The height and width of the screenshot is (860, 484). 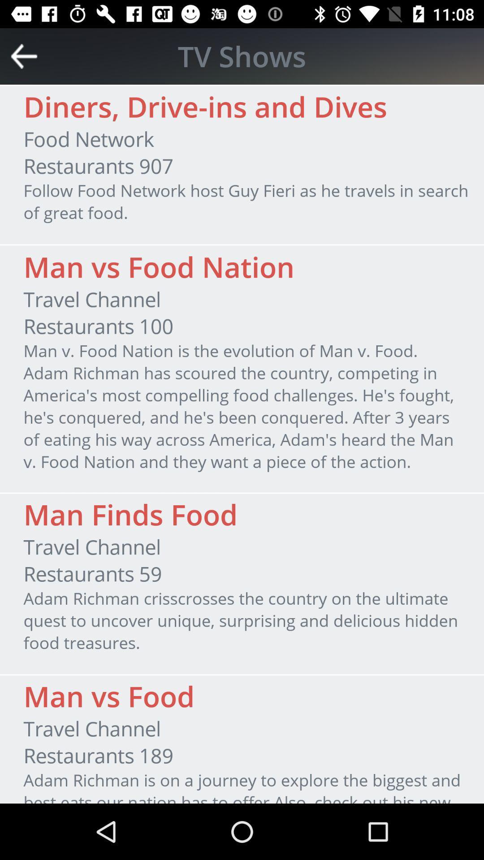 What do you see at coordinates (98, 166) in the screenshot?
I see `item above the follow food network icon` at bounding box center [98, 166].